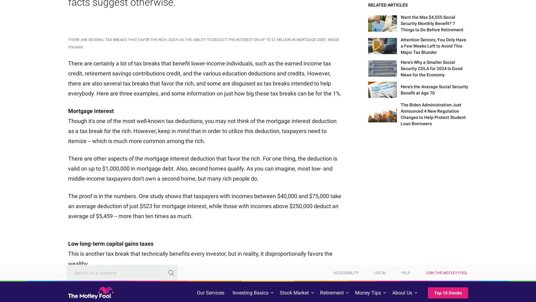  What do you see at coordinates (182, 295) in the screenshot?
I see `'Advertise'` at bounding box center [182, 295].